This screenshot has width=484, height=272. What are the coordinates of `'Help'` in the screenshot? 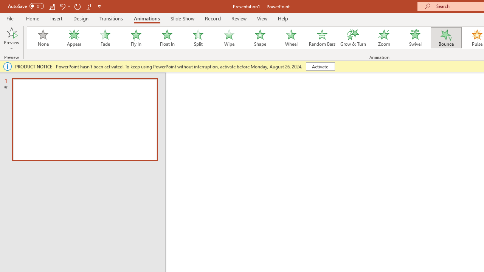 It's located at (282, 18).